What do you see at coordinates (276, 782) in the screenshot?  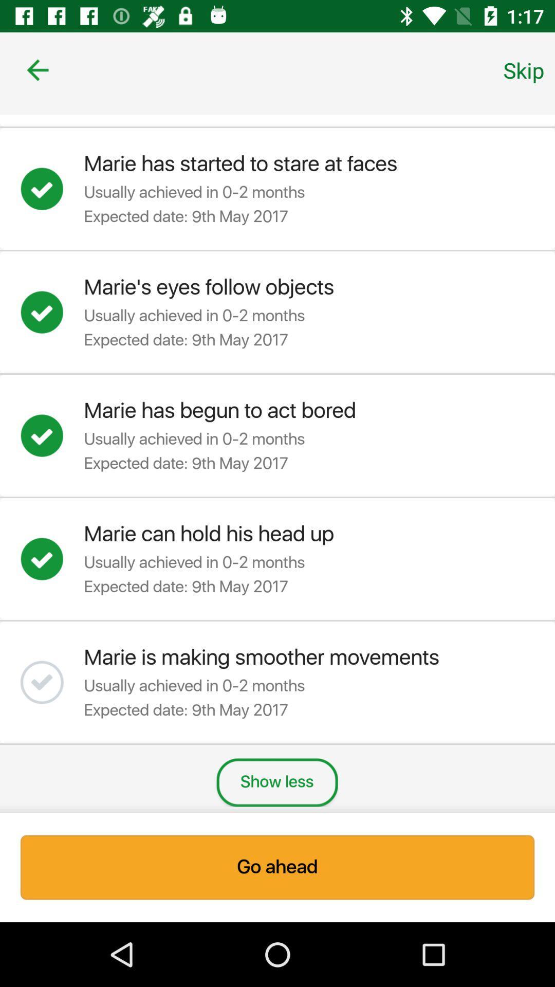 I see `the icon above go ahead item` at bounding box center [276, 782].